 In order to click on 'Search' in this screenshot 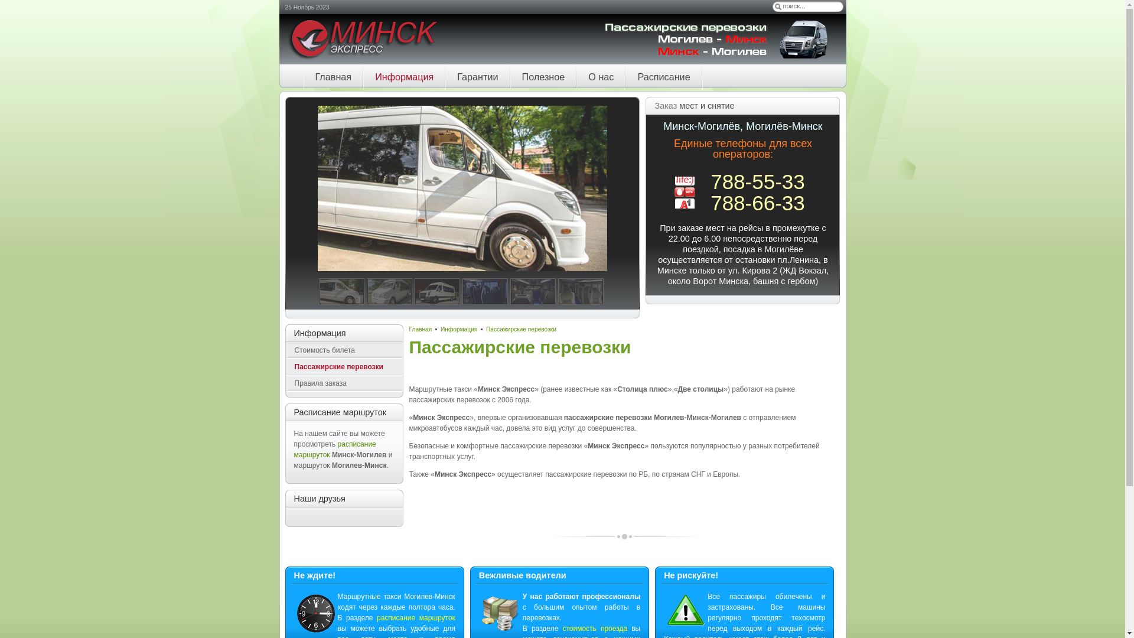, I will do `click(777, 6)`.